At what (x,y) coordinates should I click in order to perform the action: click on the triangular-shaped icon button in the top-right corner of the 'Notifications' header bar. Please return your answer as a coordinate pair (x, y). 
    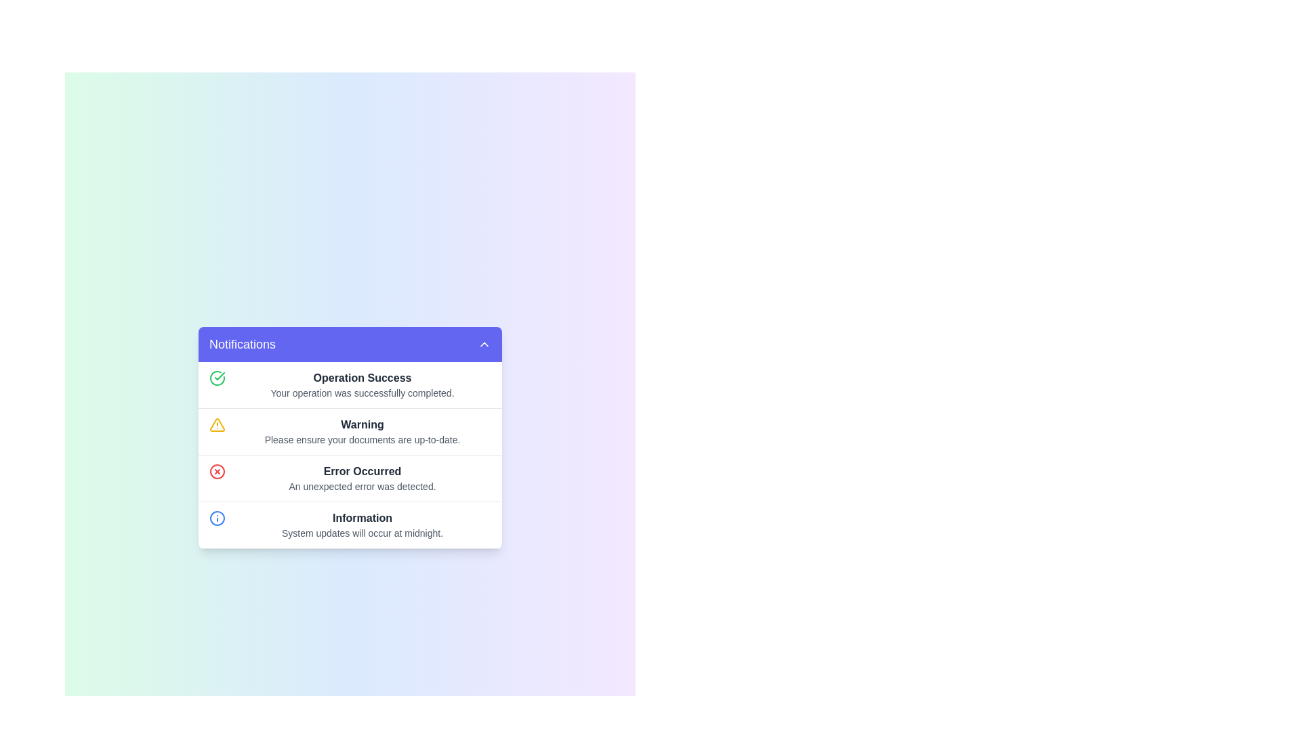
    Looking at the image, I should click on (484, 344).